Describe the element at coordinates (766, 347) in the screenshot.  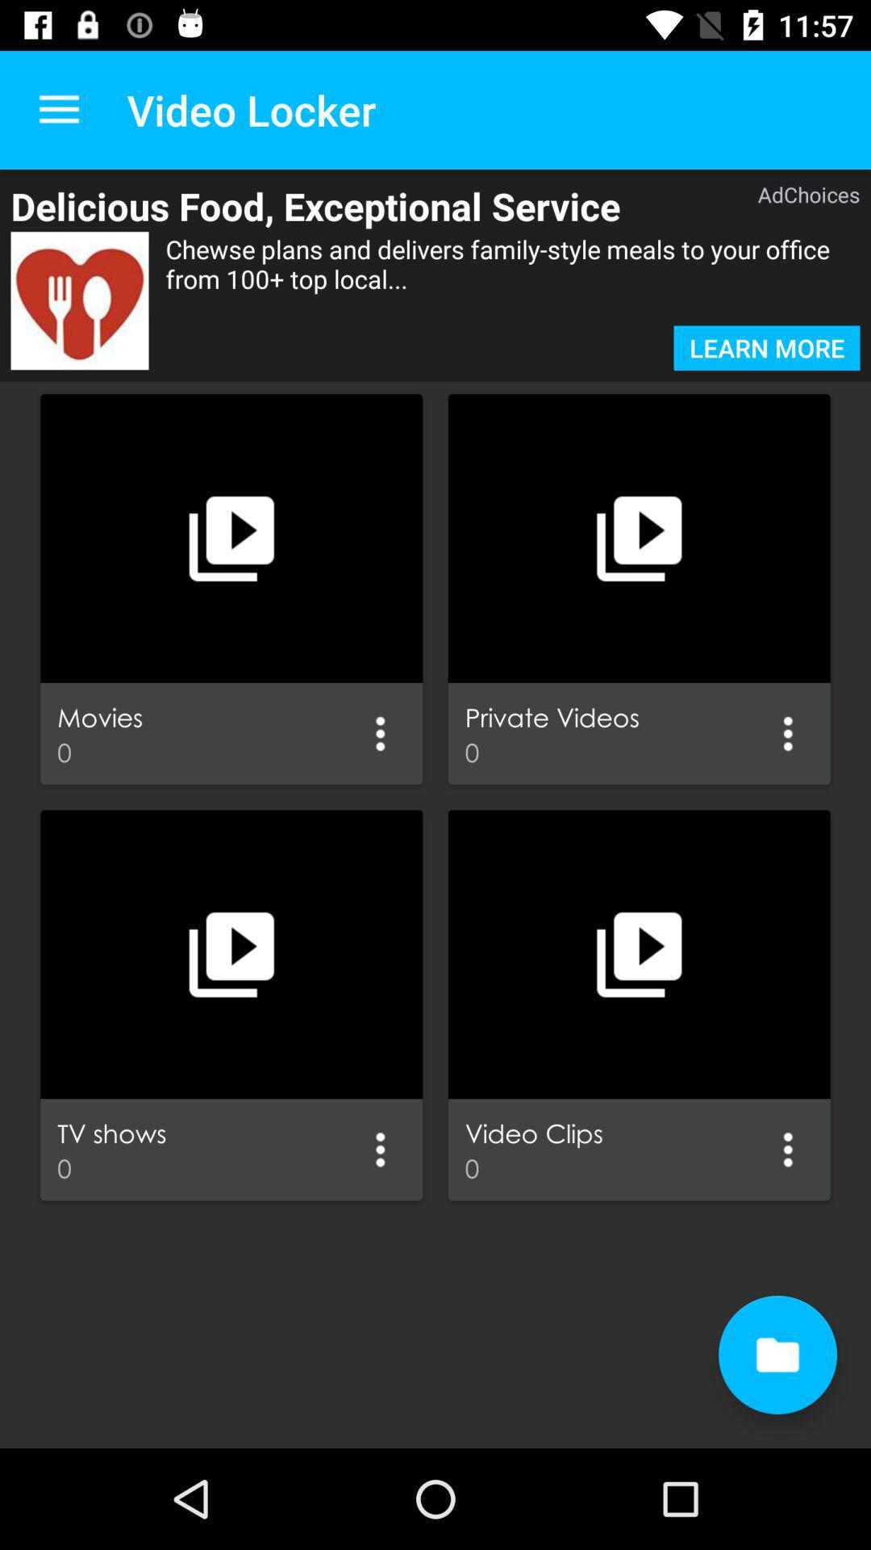
I see `learn more` at that location.